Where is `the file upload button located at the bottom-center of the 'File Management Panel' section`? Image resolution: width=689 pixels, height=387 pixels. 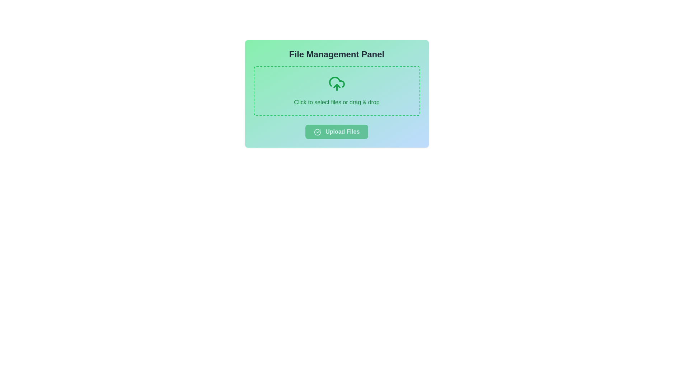 the file upload button located at the bottom-center of the 'File Management Panel' section is located at coordinates (336, 132).